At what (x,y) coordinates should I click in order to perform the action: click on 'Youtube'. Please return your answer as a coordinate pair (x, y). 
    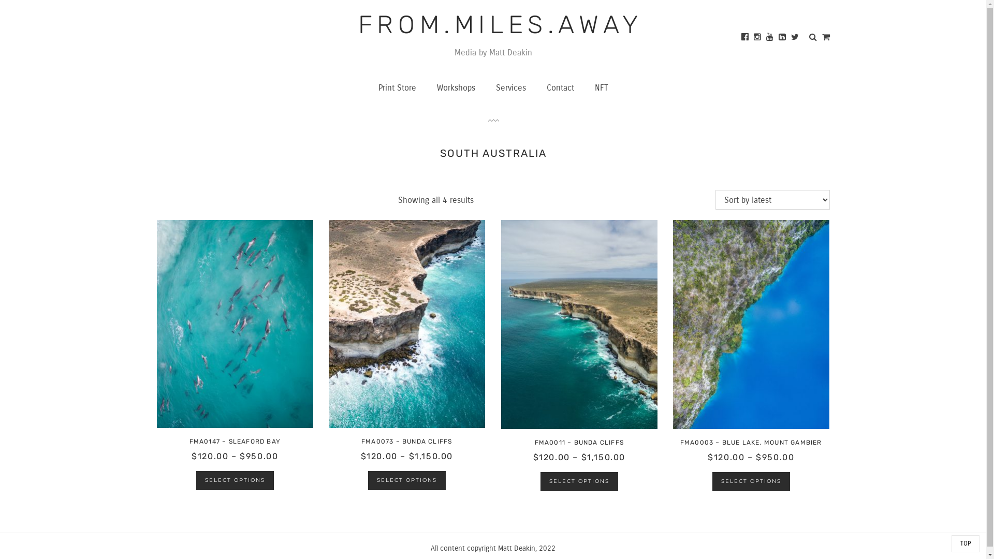
    Looking at the image, I should click on (766, 35).